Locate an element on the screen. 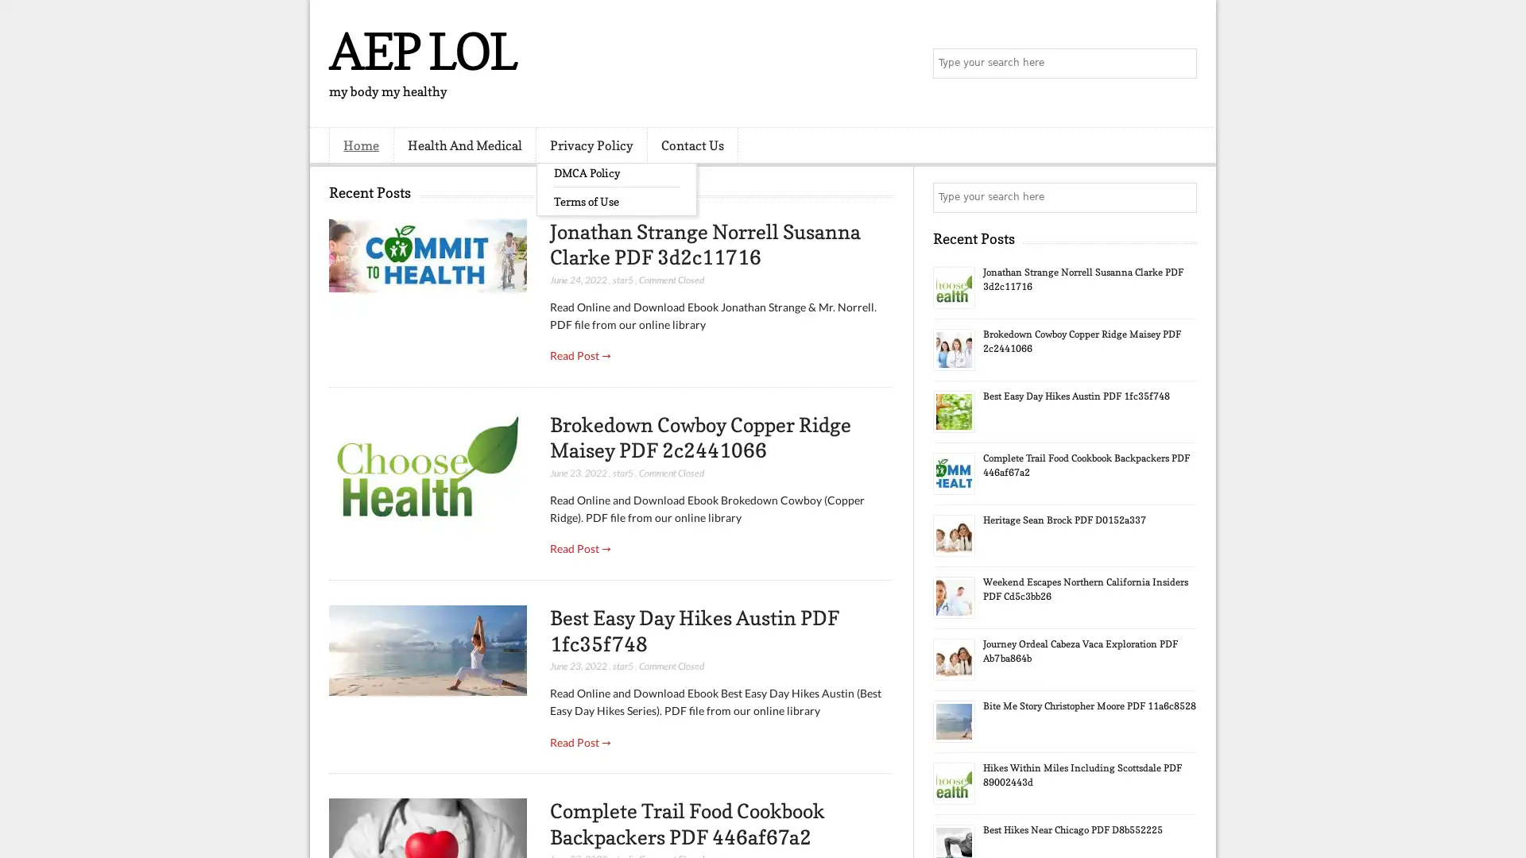  Search is located at coordinates (1180, 64).